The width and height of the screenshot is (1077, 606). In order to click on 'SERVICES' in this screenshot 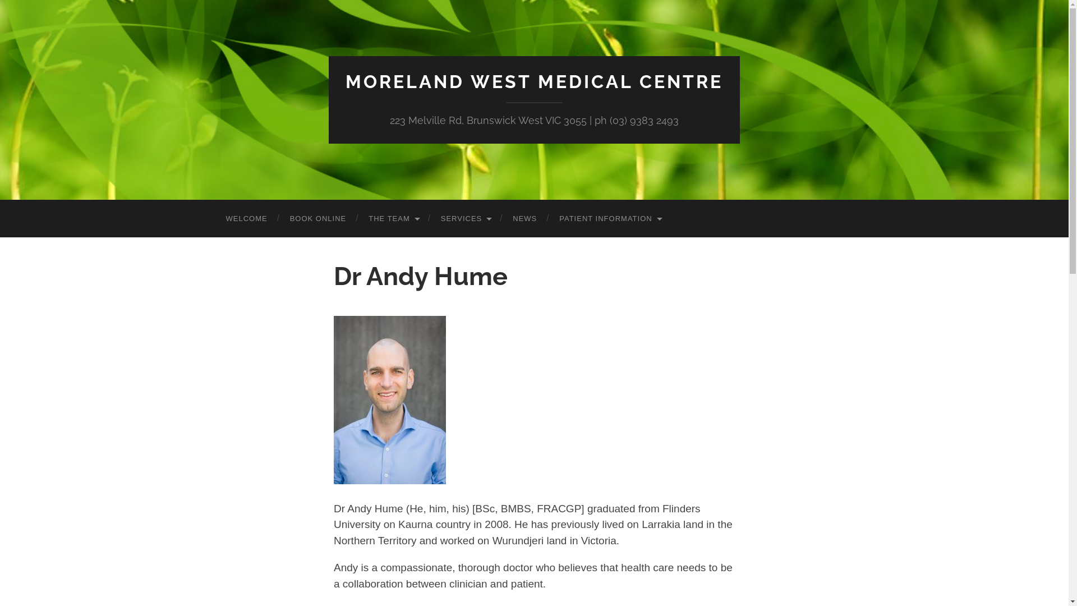, I will do `click(466, 218)`.